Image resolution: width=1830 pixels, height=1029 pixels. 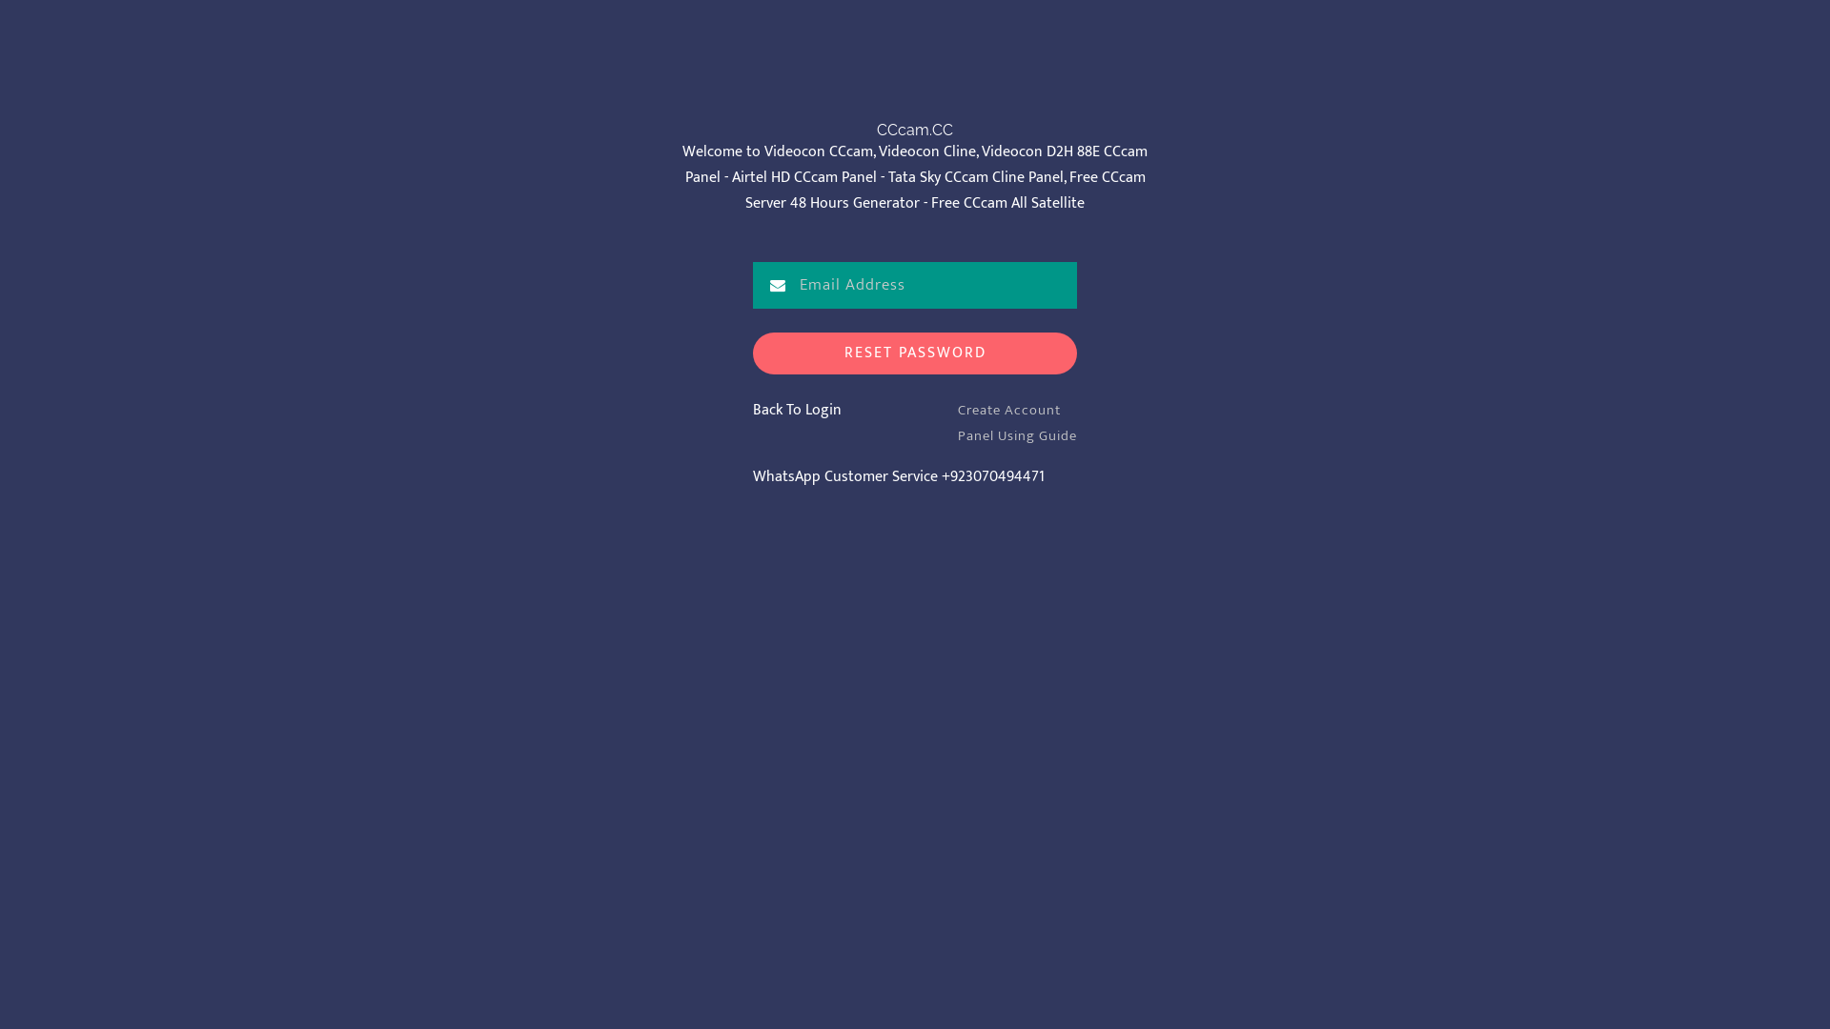 I want to click on 'Panel Using Guide', so click(x=1016, y=435).